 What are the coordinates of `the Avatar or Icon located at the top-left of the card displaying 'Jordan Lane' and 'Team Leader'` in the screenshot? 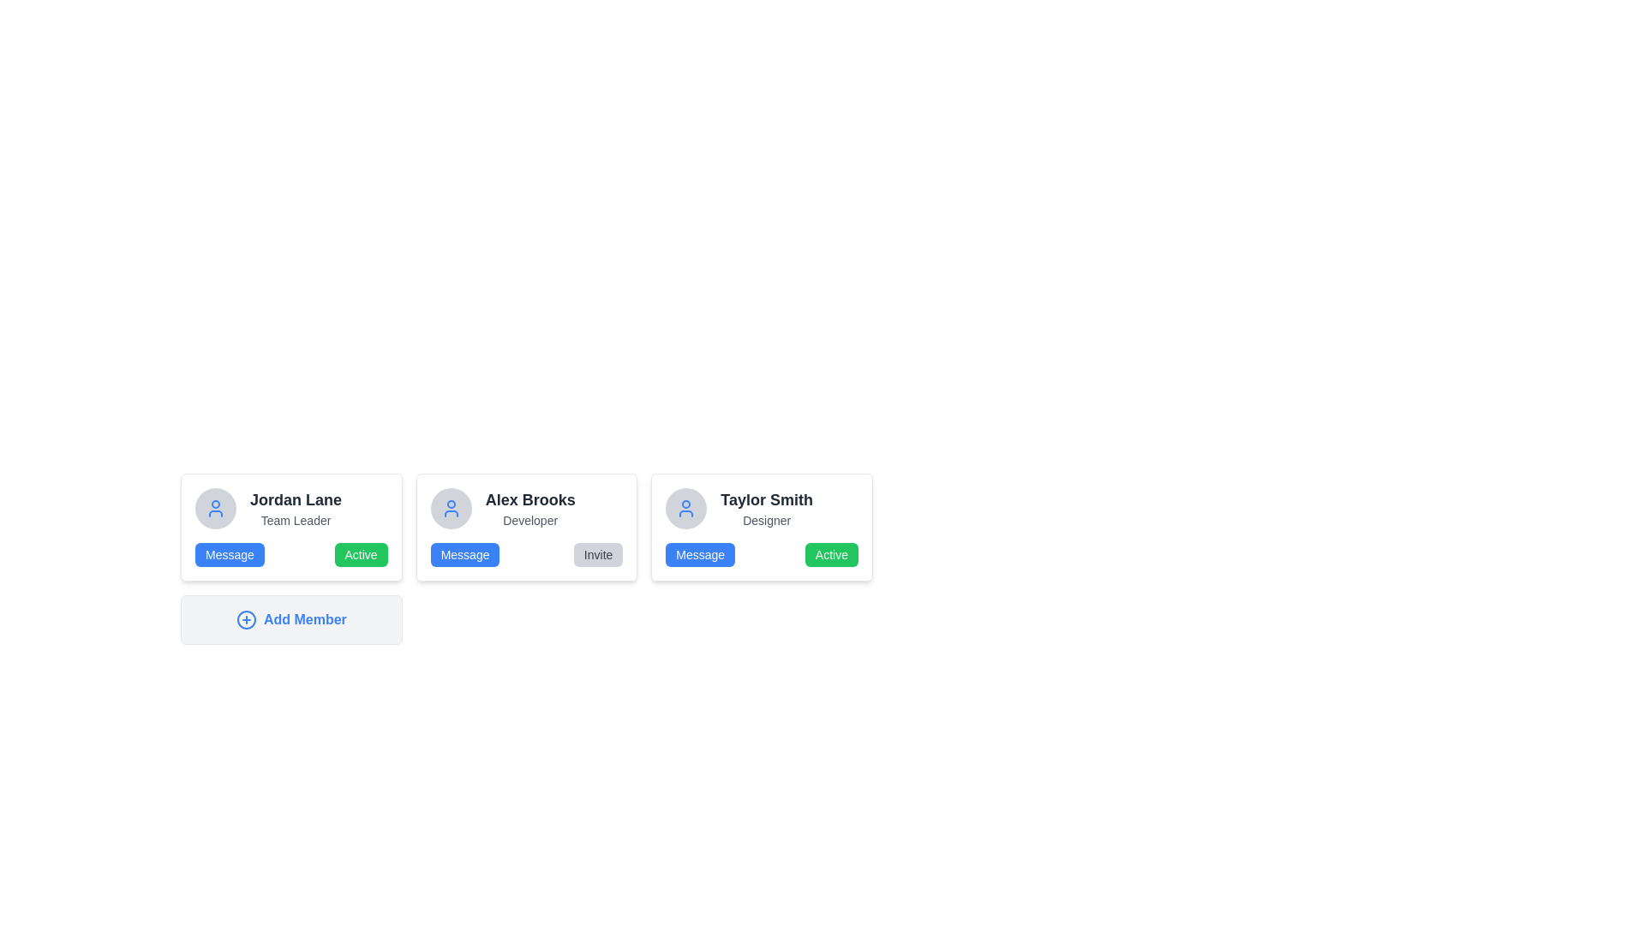 It's located at (215, 508).